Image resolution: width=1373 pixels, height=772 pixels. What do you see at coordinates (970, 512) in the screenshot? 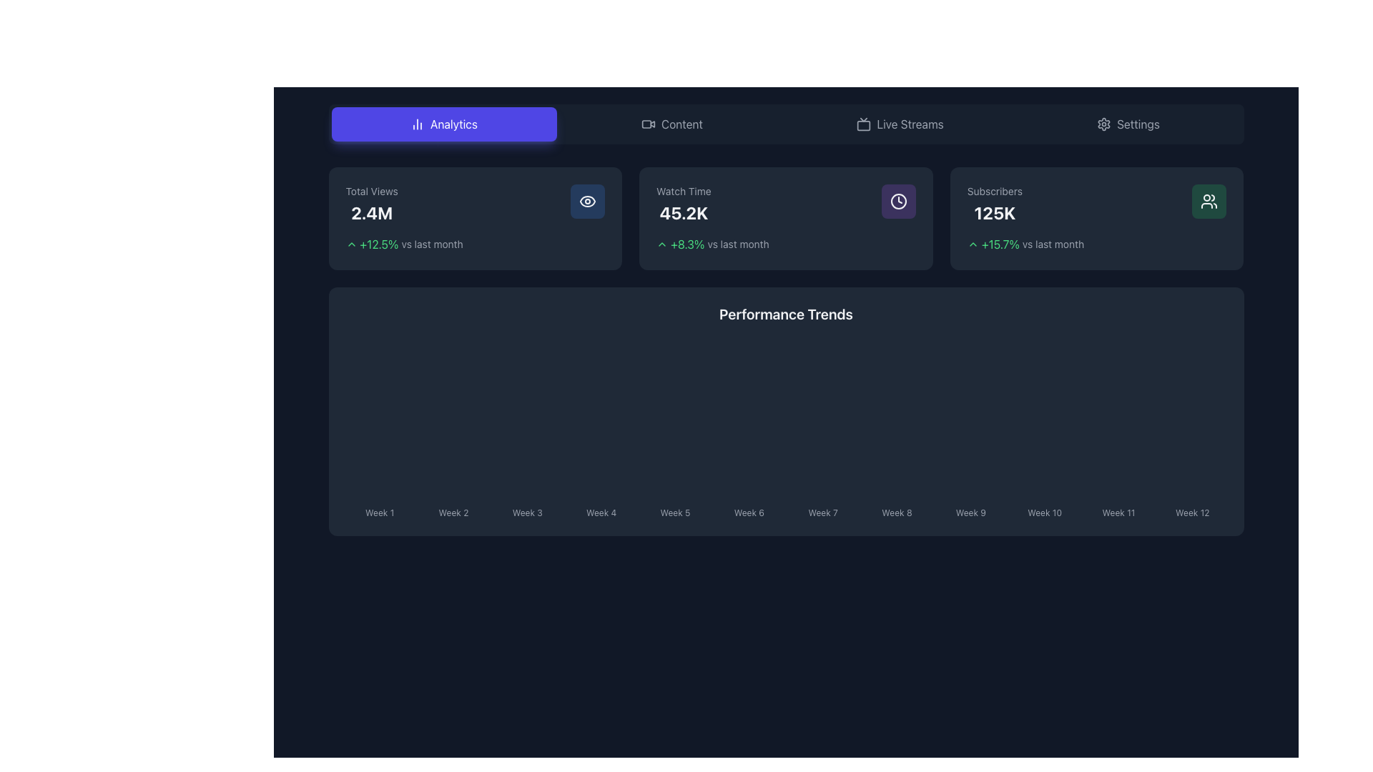
I see `the text label displaying 'Week 9', which is styled with a small font size and muted gray color, located under the 'Performance Trends' chart` at bounding box center [970, 512].